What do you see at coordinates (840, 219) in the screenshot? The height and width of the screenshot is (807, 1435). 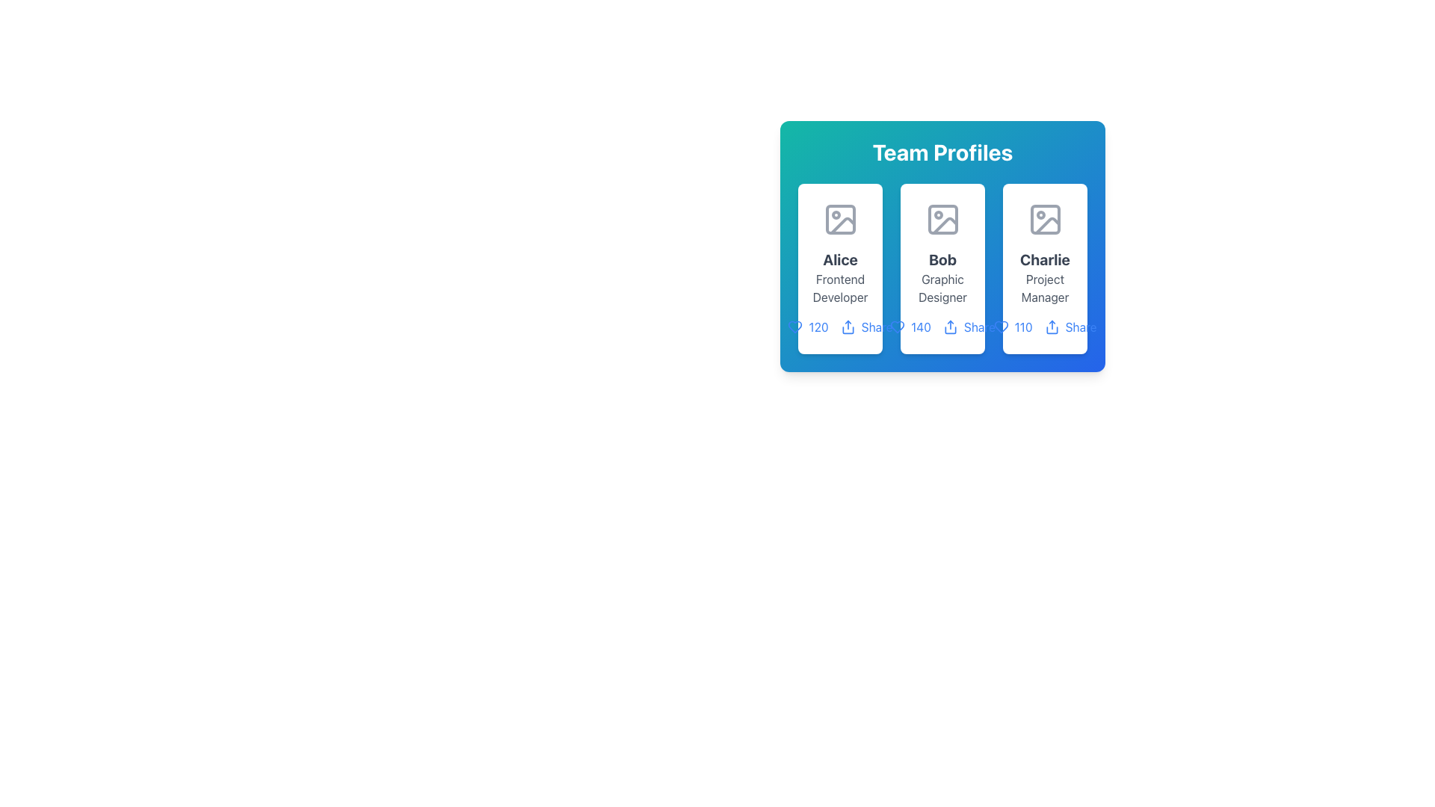 I see `the Image placeholder icon located at the upper section of the card for user 'Alice', which is the first card in the 'Team Profiles' panel` at bounding box center [840, 219].